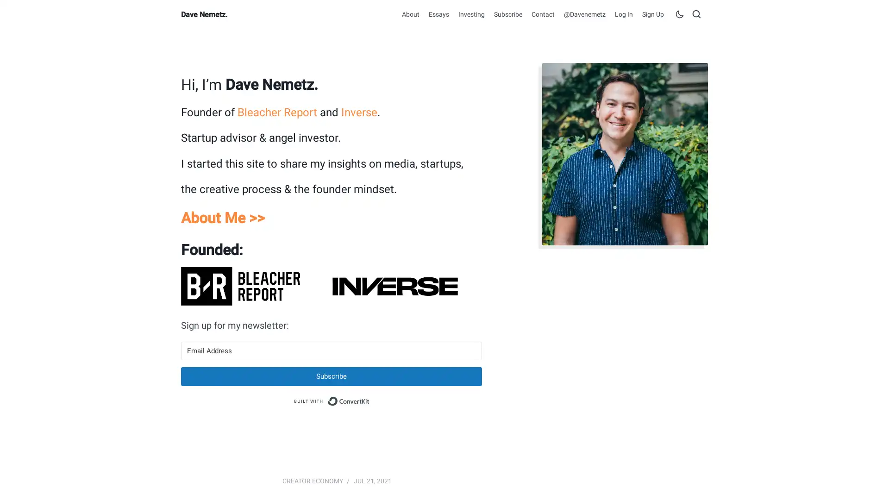 This screenshot has height=500, width=889. I want to click on Subscribe, so click(331, 376).